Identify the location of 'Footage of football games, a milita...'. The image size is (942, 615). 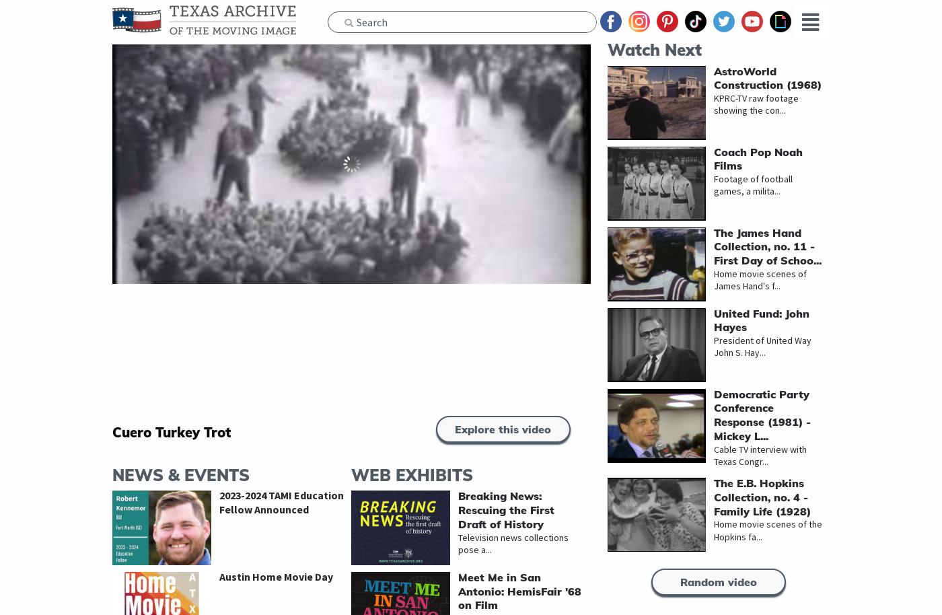
(714, 185).